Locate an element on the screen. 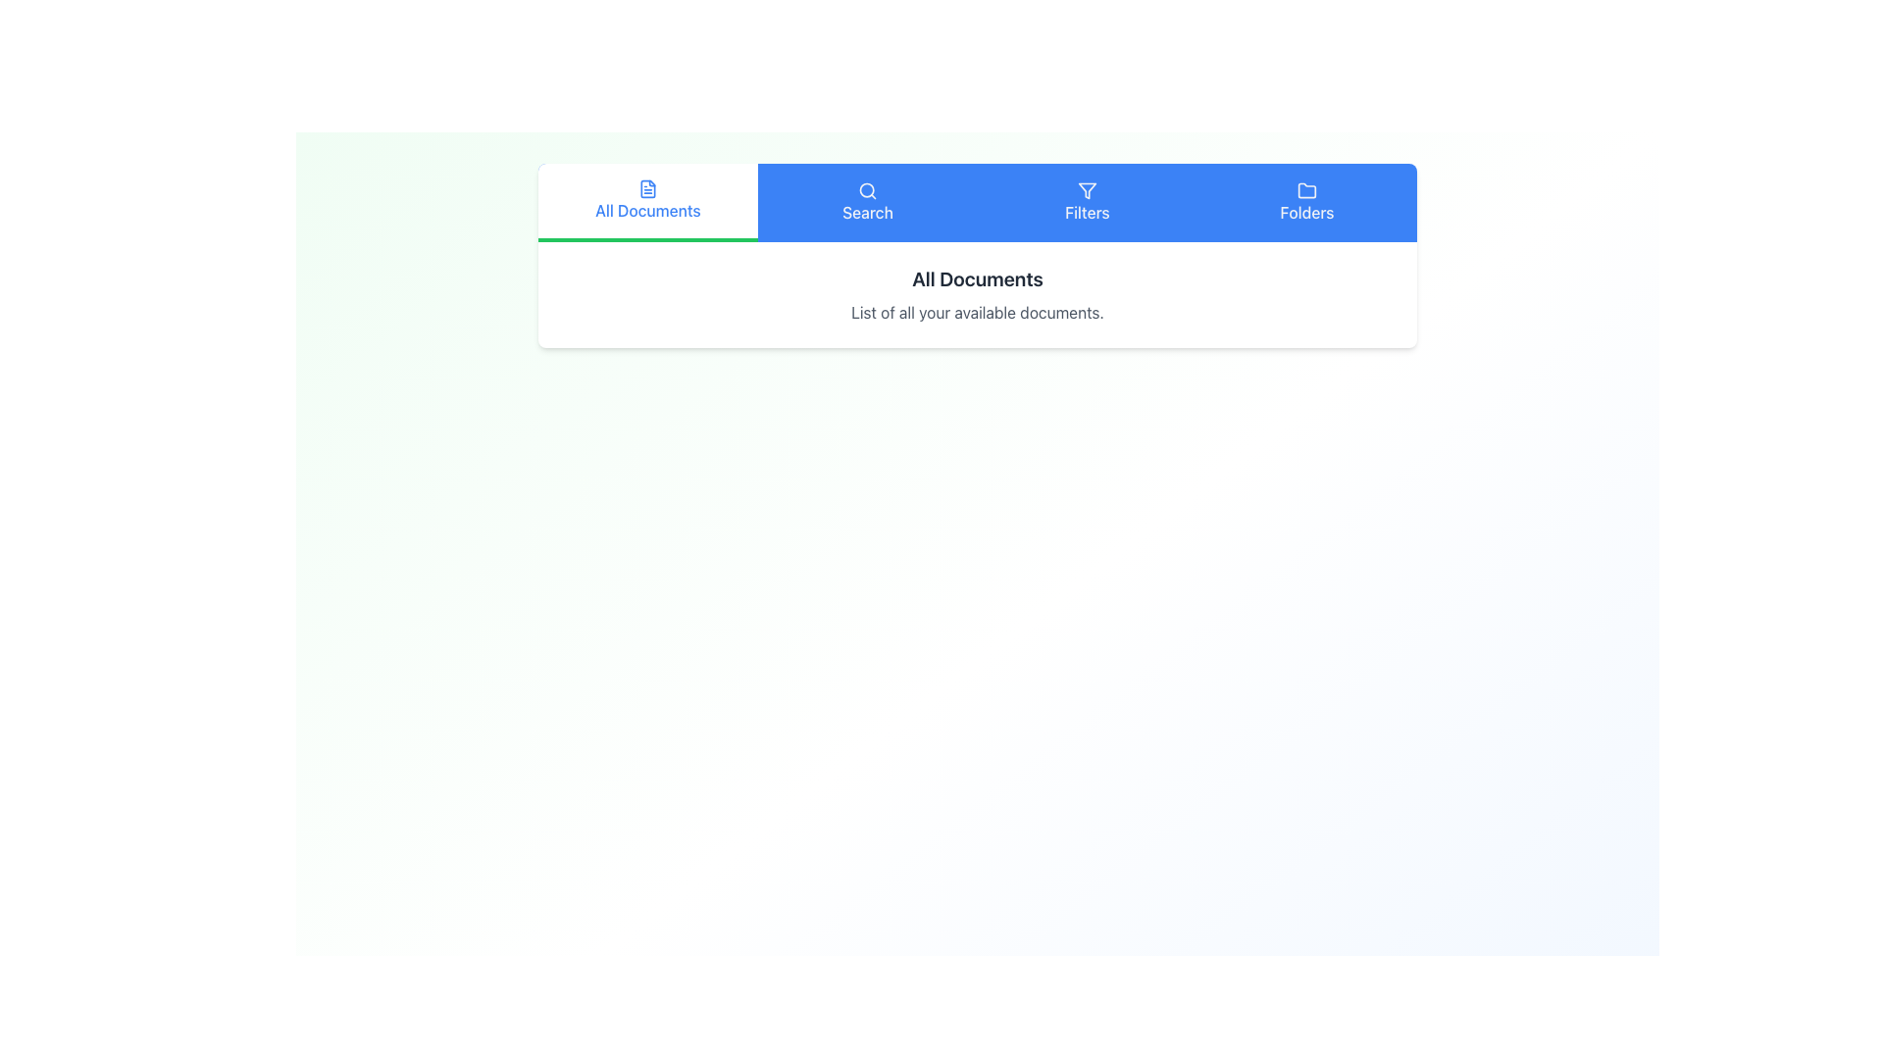 This screenshot has height=1059, width=1883. the 'Filters' button is located at coordinates (1086, 203).